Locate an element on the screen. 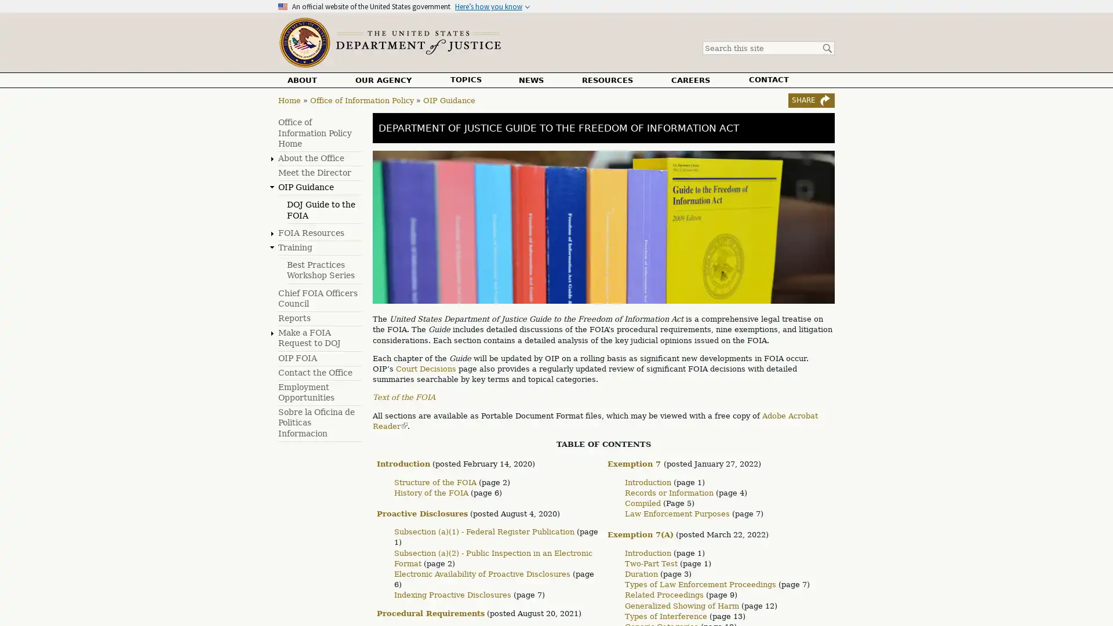 The width and height of the screenshot is (1113, 626). Heres how you know is located at coordinates (492, 6).